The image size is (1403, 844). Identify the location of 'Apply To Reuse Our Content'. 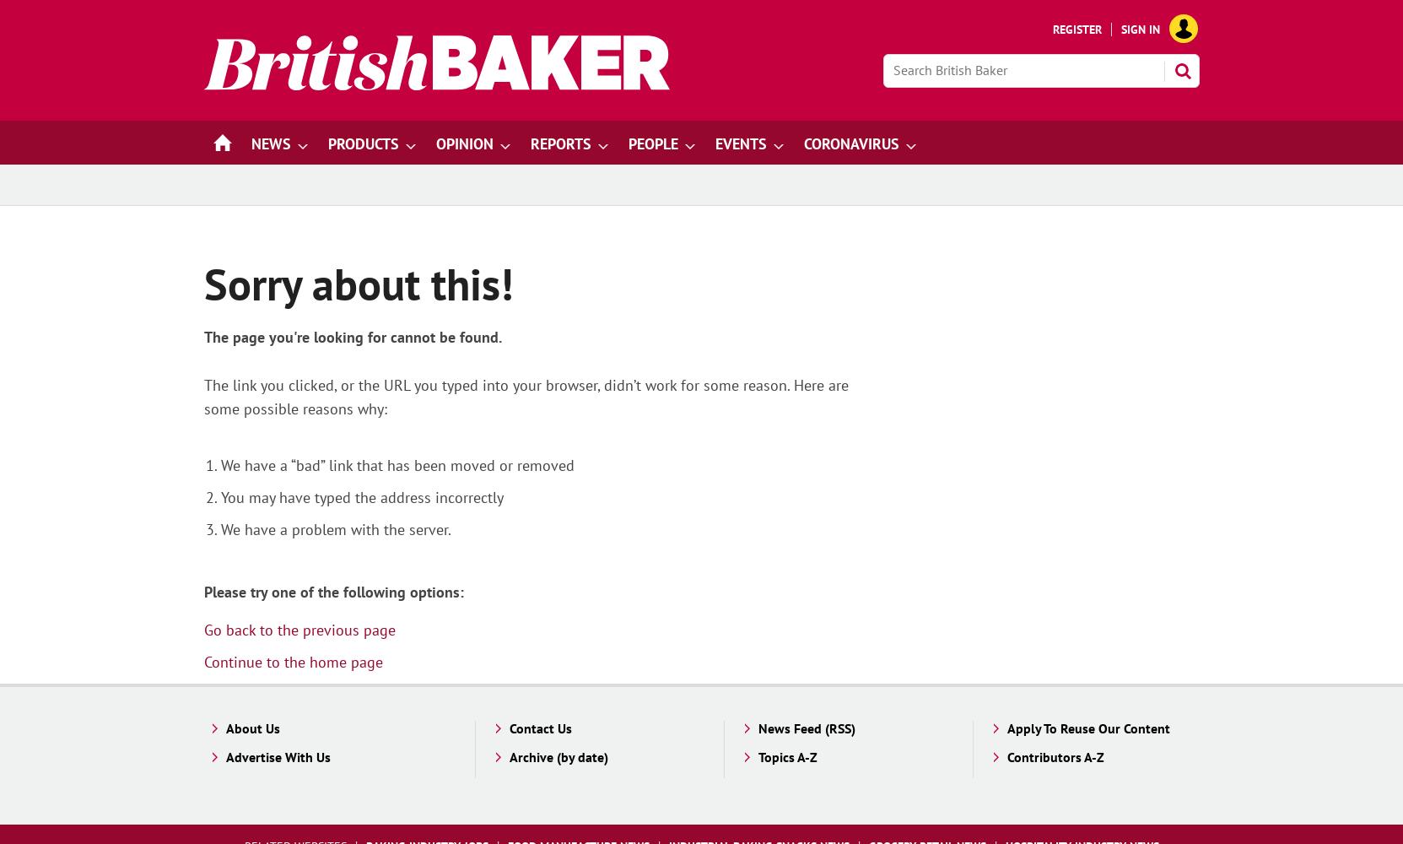
(1088, 728).